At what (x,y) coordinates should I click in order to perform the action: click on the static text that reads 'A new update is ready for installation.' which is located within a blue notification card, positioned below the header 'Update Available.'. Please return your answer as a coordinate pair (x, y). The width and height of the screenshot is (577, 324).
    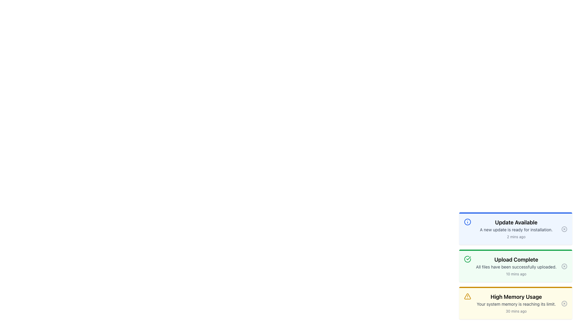
    Looking at the image, I should click on (516, 229).